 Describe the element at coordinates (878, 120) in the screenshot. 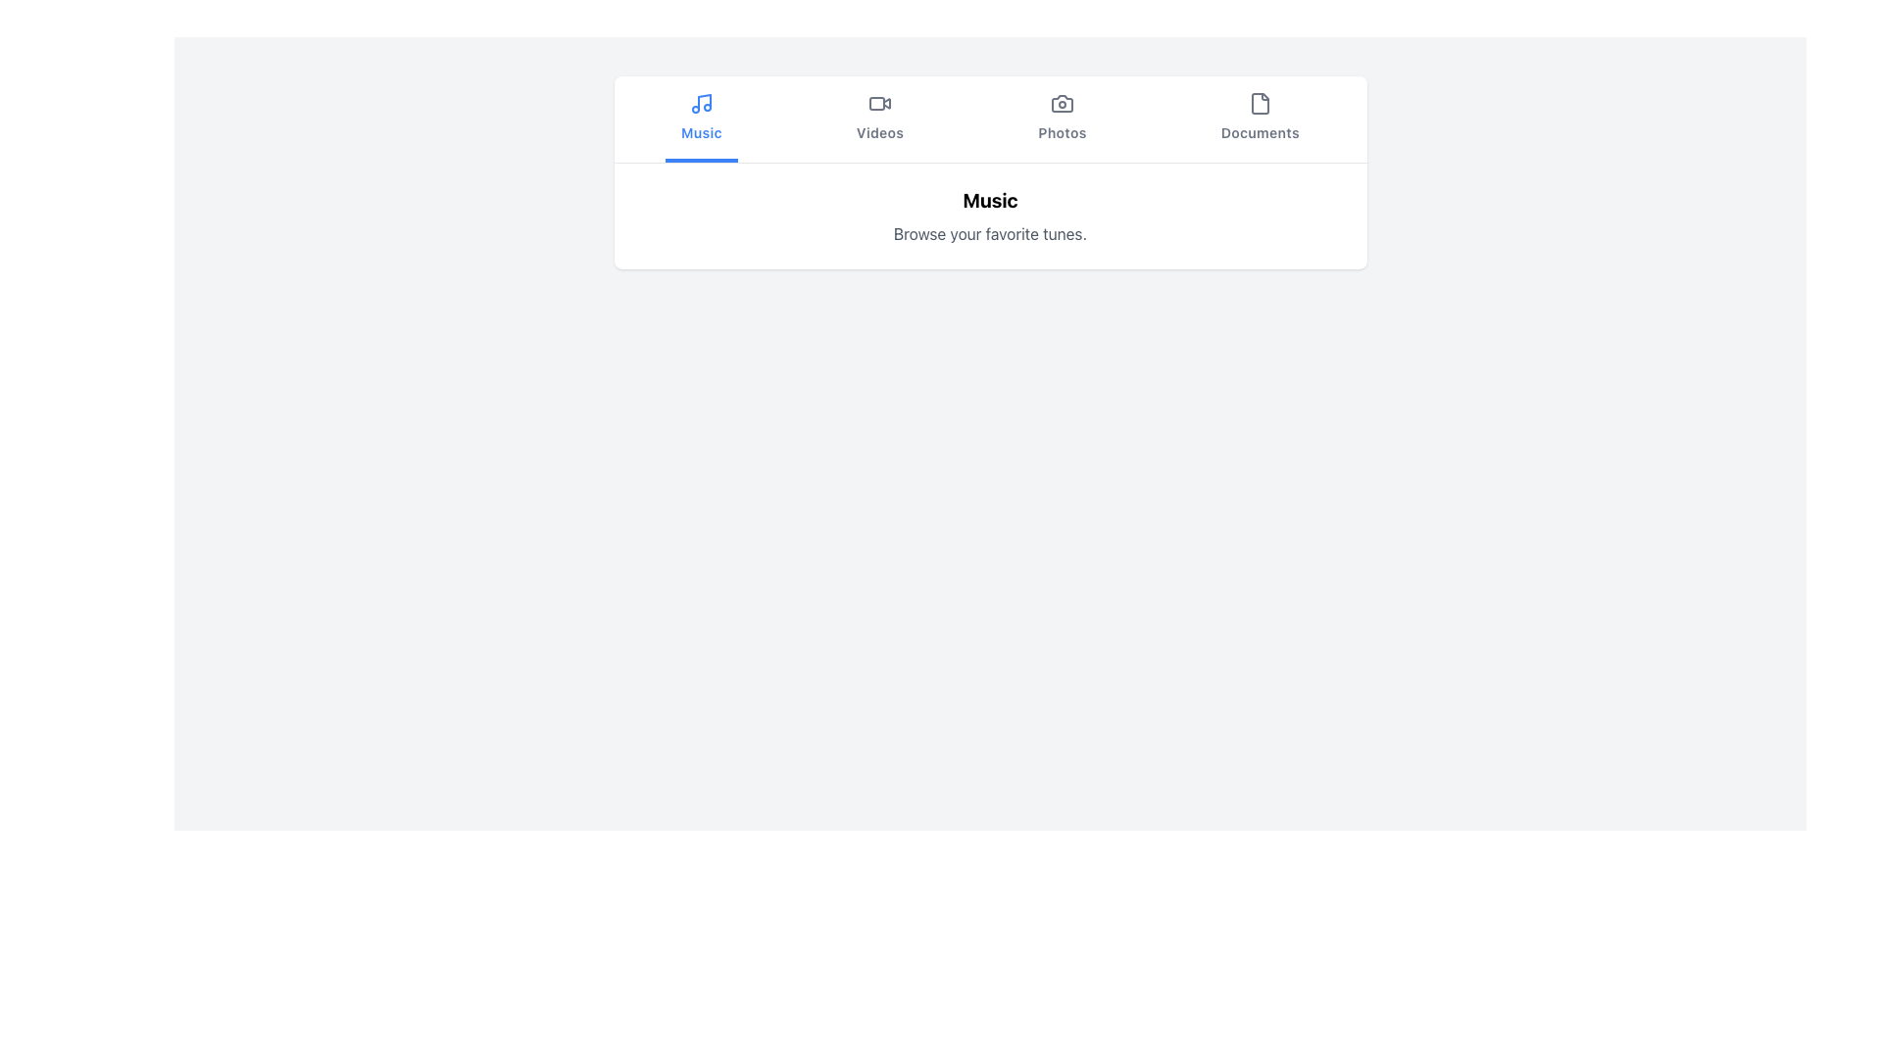

I see `the navigation button located between 'Music' and 'Photos'` at that location.